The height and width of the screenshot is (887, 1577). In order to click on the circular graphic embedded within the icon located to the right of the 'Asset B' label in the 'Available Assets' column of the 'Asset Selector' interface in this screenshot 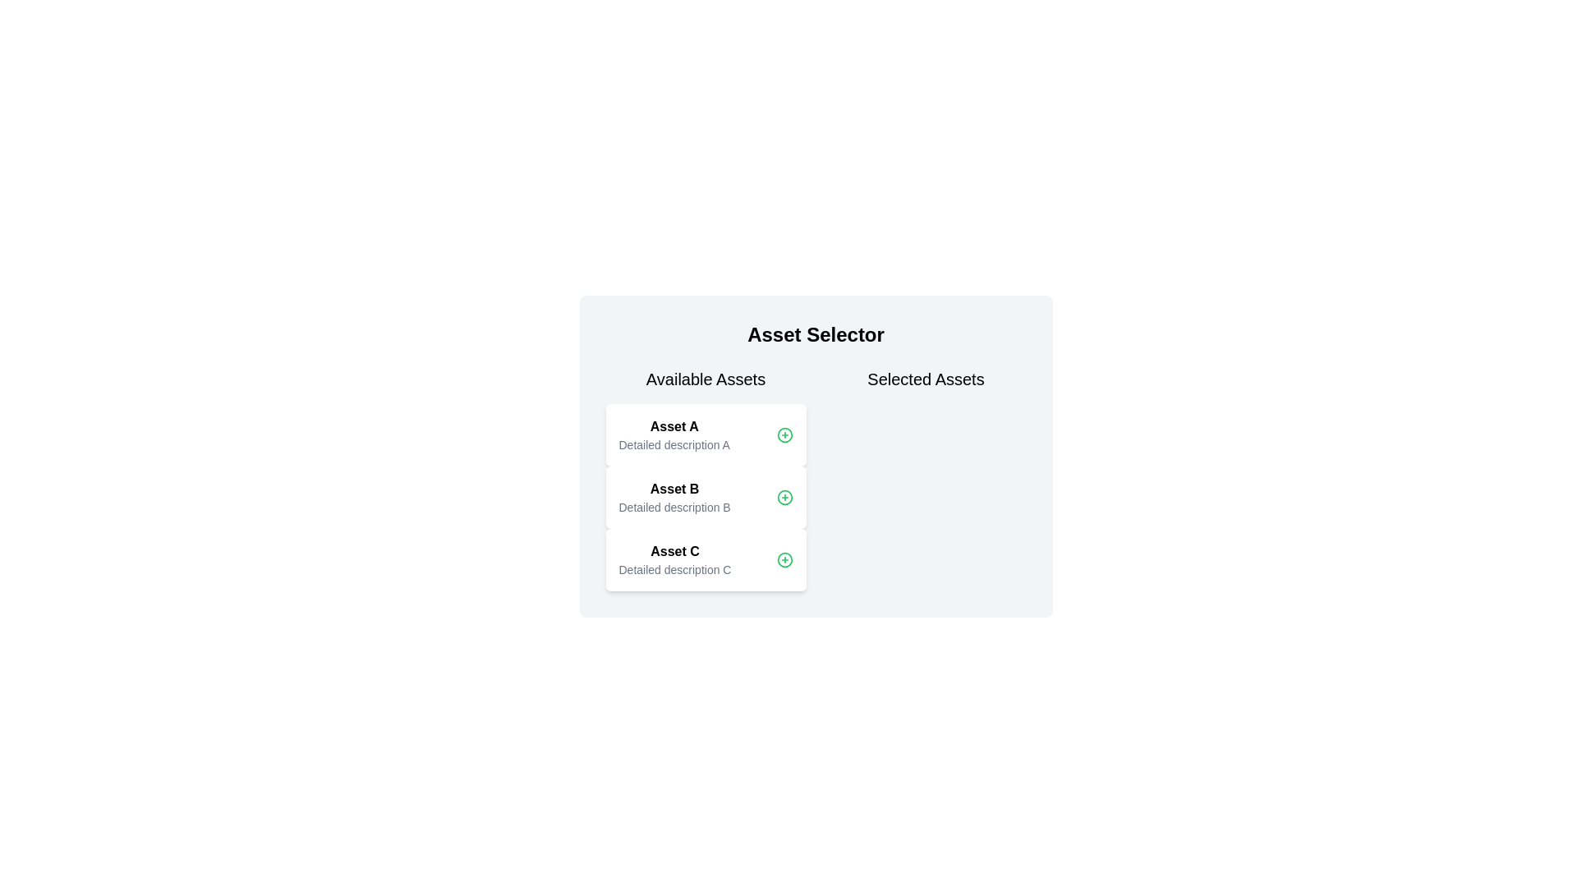, I will do `click(784, 496)`.